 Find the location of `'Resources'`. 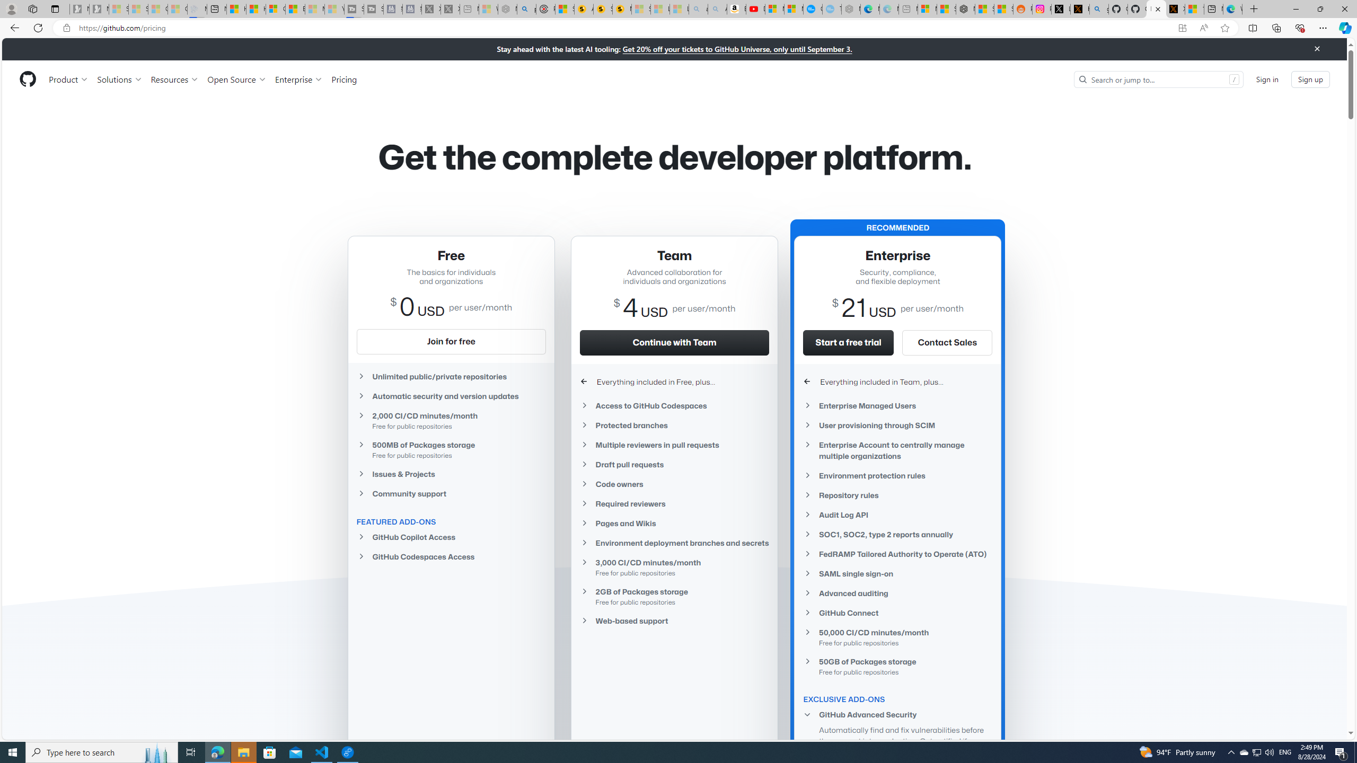

'Resources' is located at coordinates (175, 79).